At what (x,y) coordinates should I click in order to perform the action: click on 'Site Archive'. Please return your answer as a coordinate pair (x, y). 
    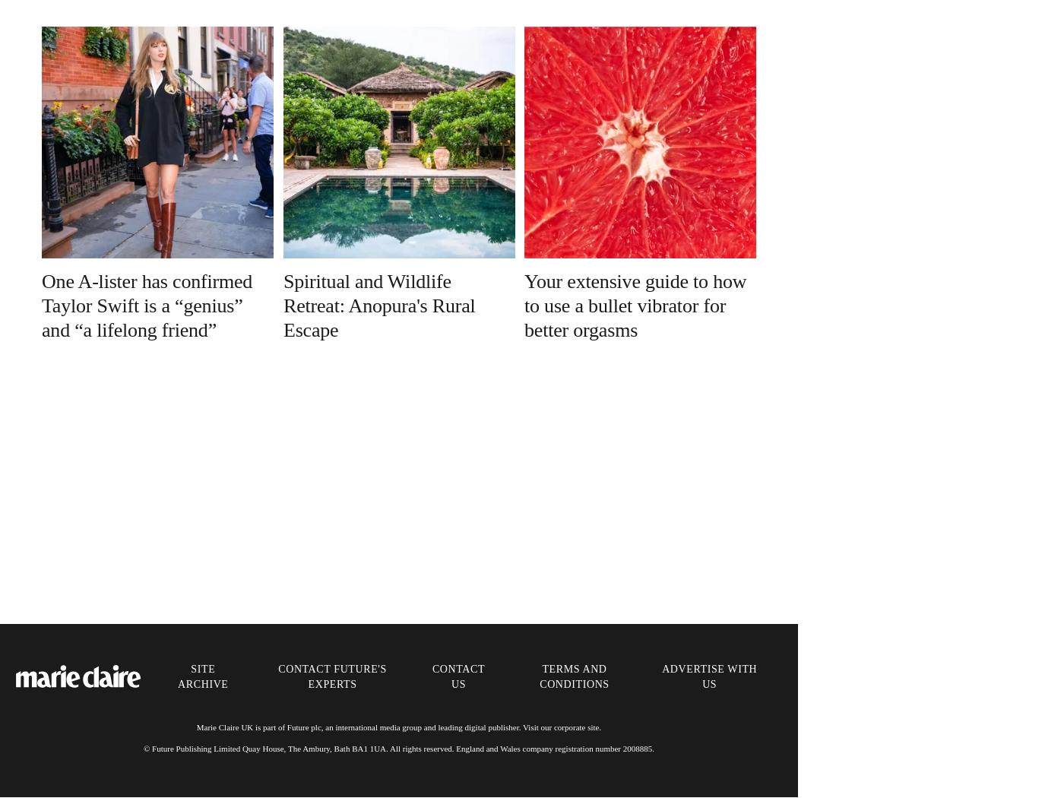
    Looking at the image, I should click on (202, 675).